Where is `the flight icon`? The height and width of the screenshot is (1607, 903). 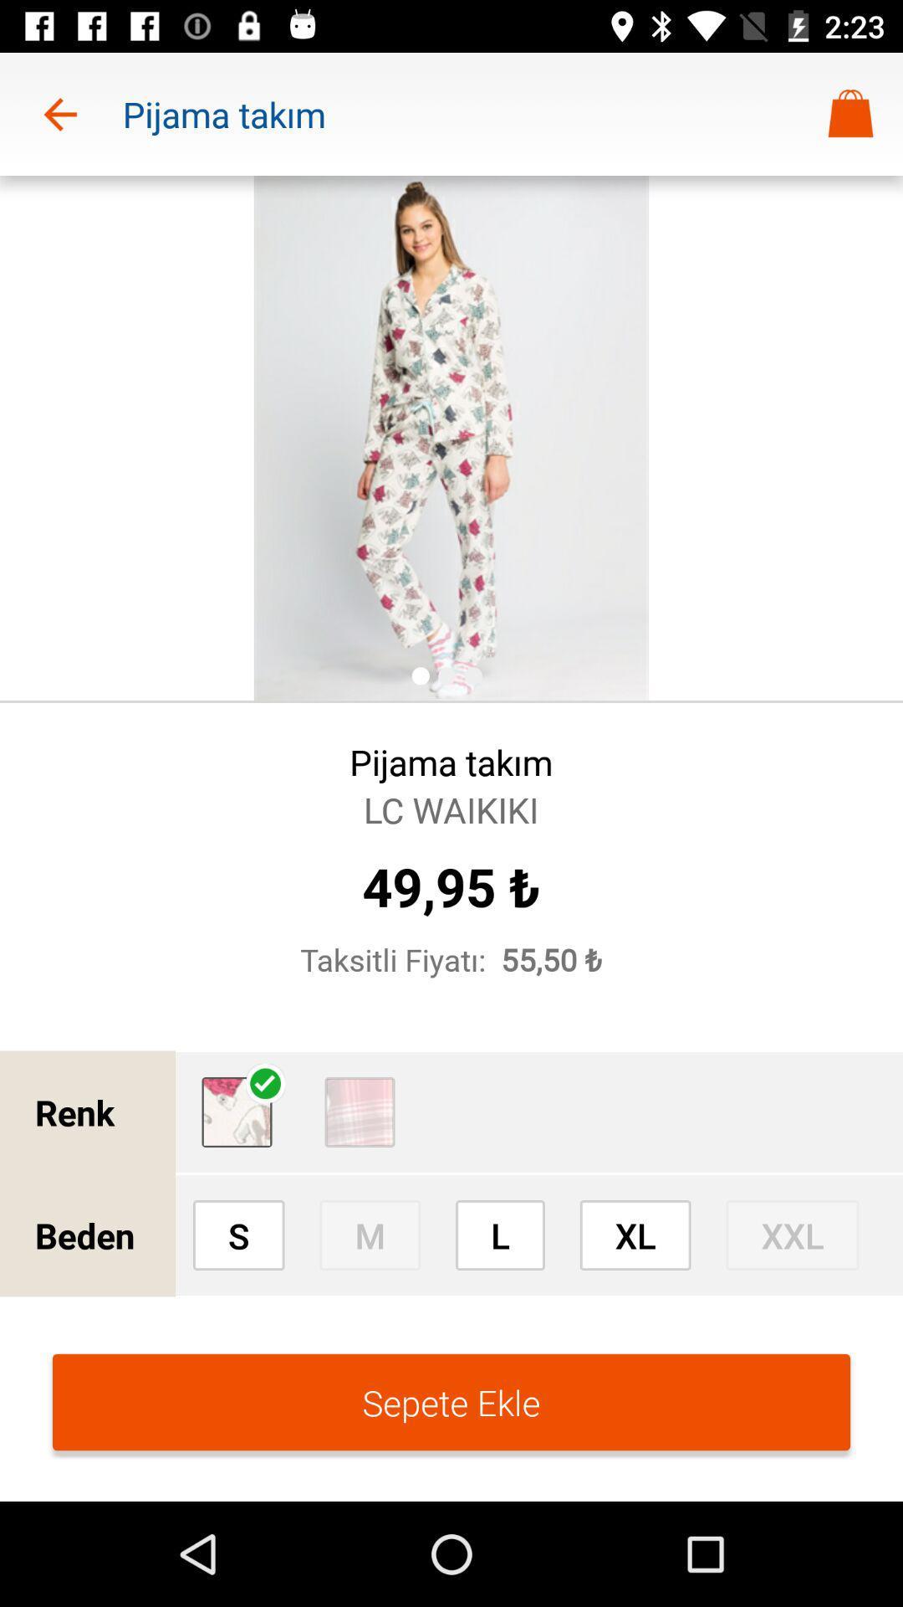
the flight icon is located at coordinates (237, 1112).